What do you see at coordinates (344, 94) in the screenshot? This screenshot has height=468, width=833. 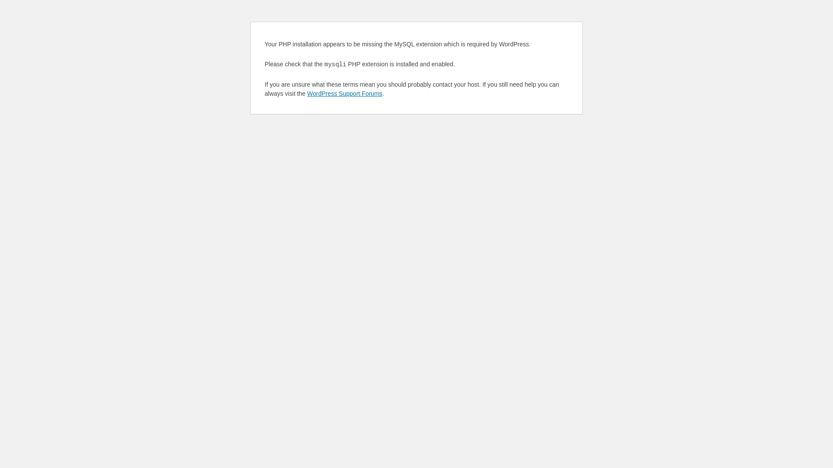 I see `'WordPress Support Forums'` at bounding box center [344, 94].